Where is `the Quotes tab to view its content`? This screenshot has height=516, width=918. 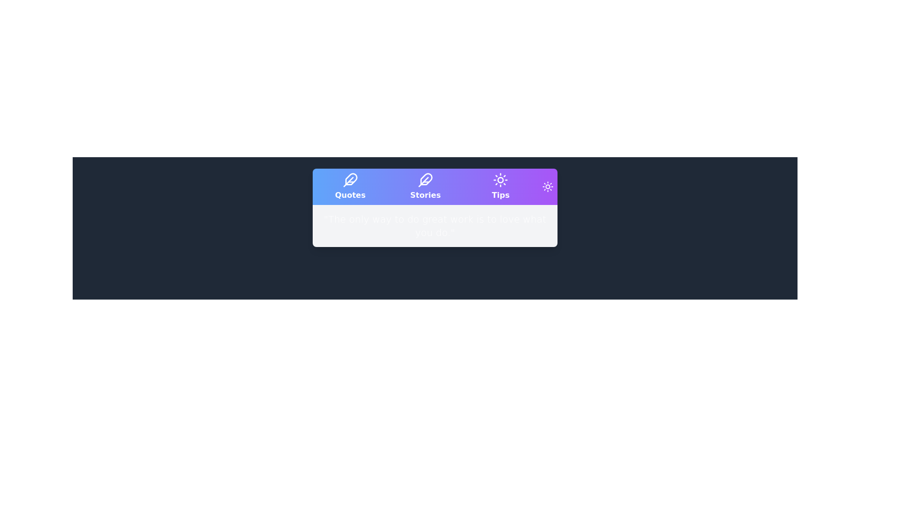
the Quotes tab to view its content is located at coordinates (350, 186).